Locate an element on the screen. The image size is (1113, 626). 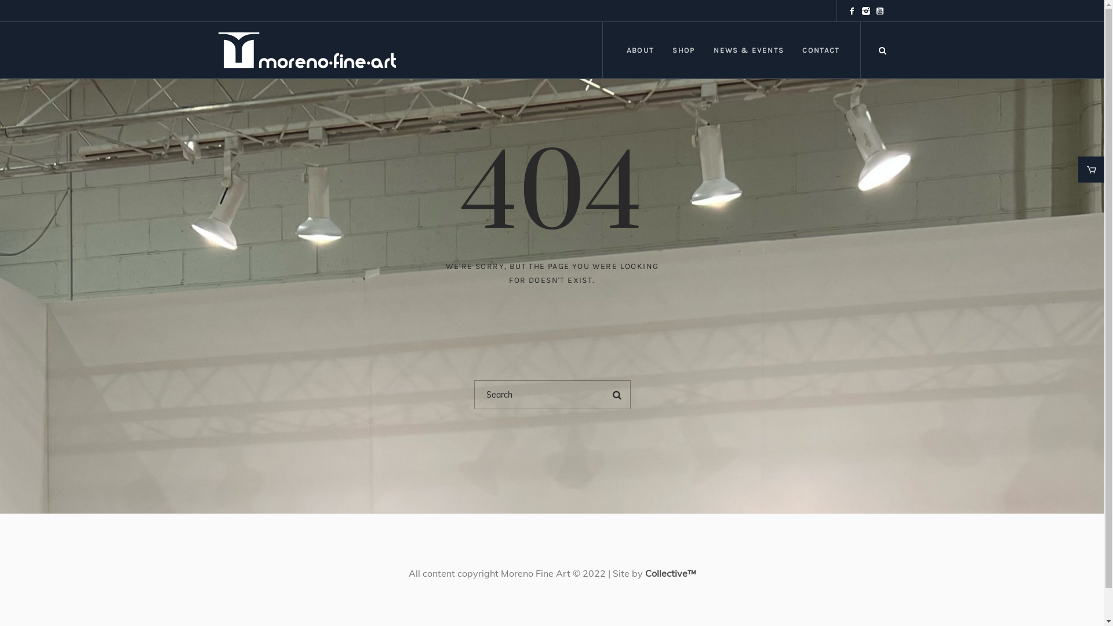
'Facebook' is located at coordinates (851, 11).